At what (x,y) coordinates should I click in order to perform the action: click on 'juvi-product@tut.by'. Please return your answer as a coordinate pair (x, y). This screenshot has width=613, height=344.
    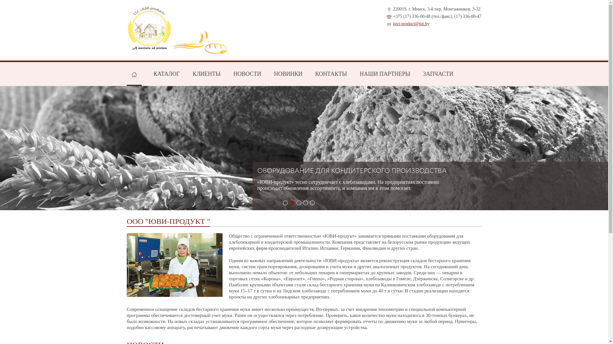
    Looking at the image, I should click on (411, 23).